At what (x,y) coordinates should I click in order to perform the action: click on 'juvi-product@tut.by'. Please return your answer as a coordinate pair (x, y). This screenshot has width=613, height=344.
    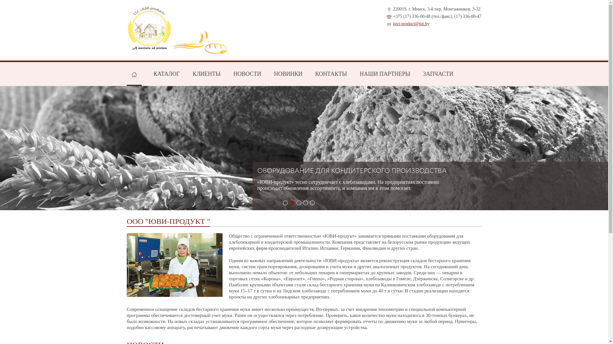
    Looking at the image, I should click on (411, 23).